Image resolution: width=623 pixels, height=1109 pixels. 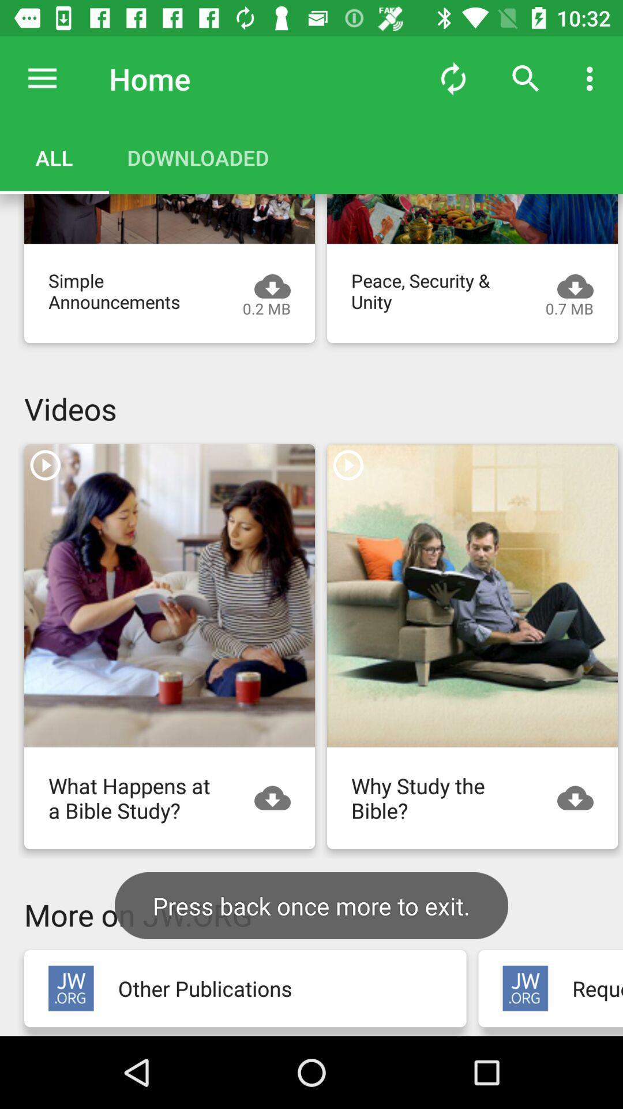 What do you see at coordinates (169, 219) in the screenshot?
I see `click on simple announcements` at bounding box center [169, 219].